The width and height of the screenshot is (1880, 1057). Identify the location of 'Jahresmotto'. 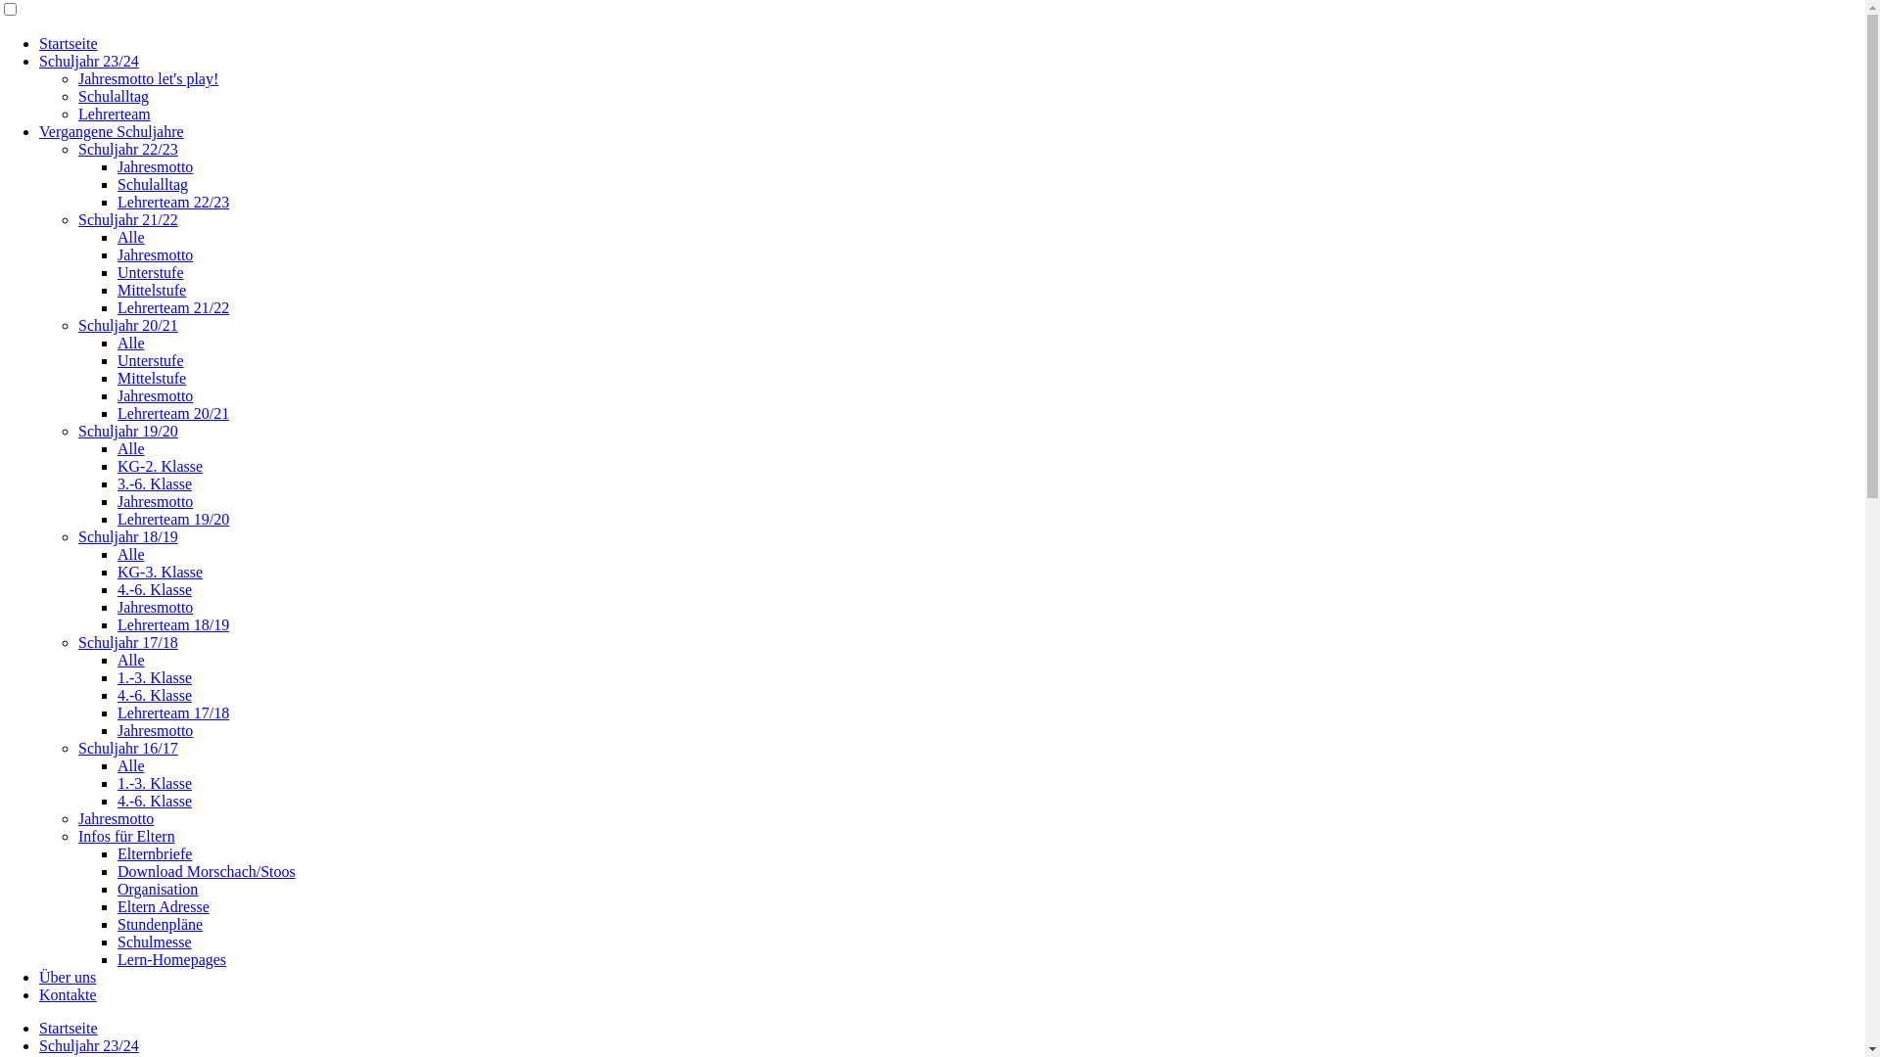
(154, 165).